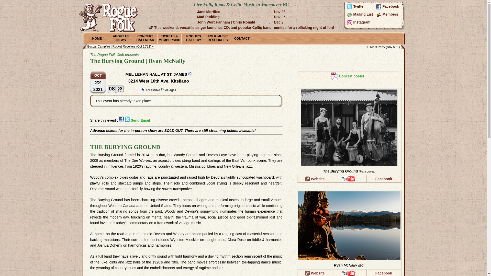 The image size is (491, 276). Describe the element at coordinates (169, 38) in the screenshot. I see `'TICKETS & MEMBERSHIP'` at that location.